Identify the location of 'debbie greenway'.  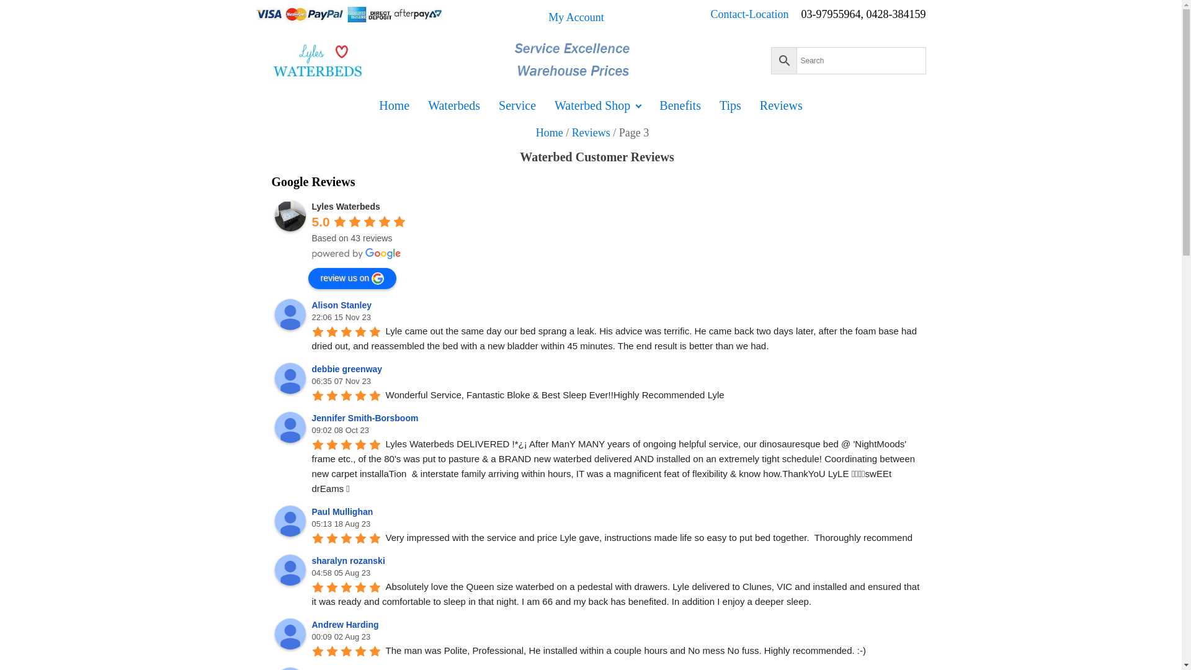
(347, 368).